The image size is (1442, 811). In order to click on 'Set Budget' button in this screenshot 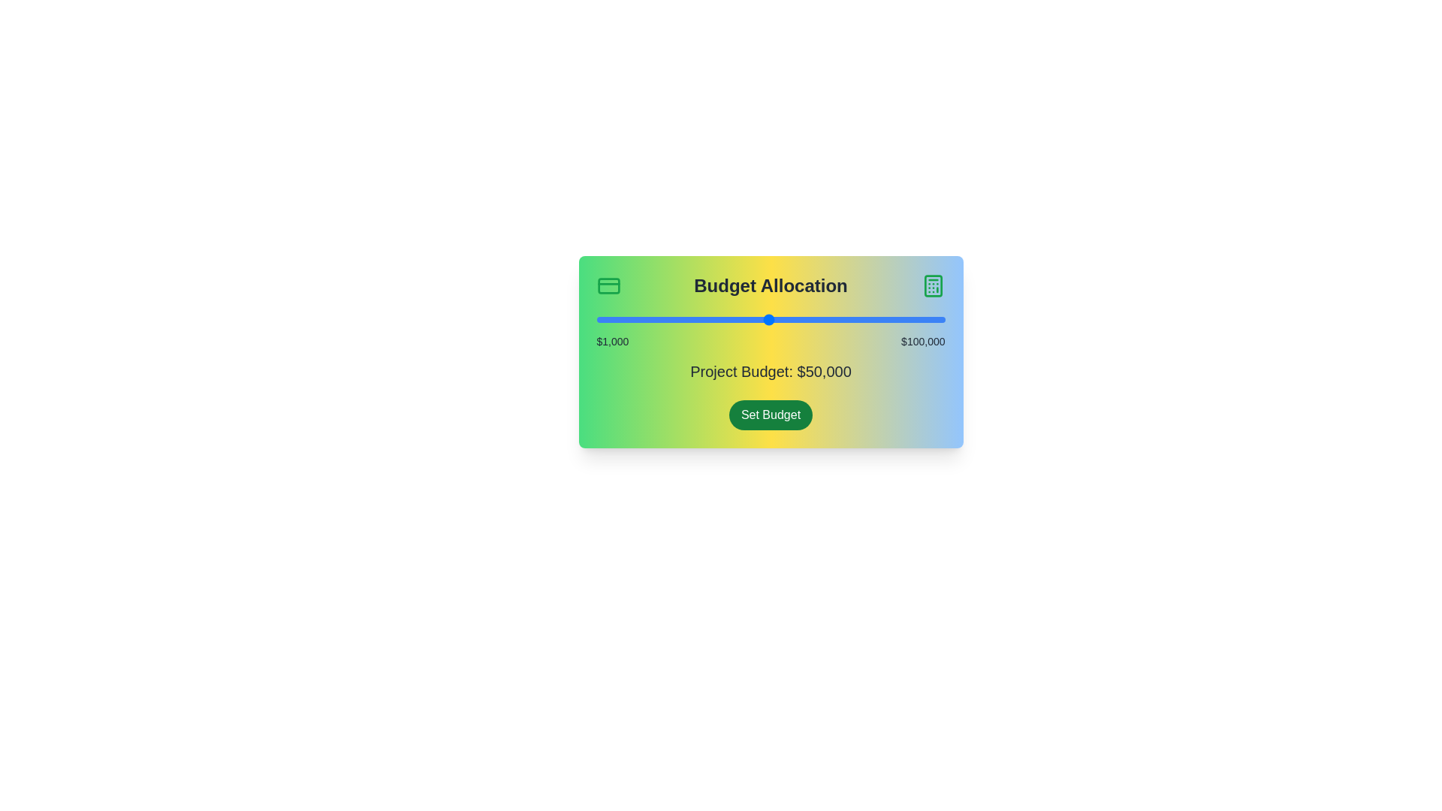, I will do `click(771, 415)`.